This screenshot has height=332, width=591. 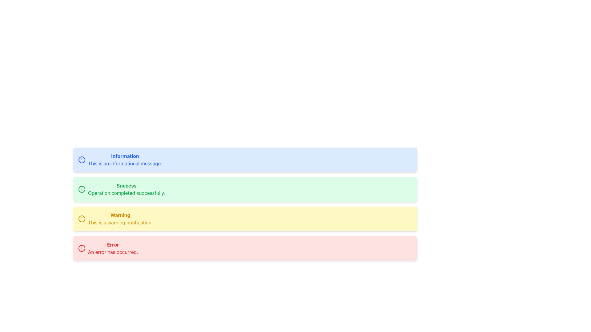 I want to click on the error alert icon located in the red notification box at the bottom left, preceding the 'Error' text, so click(x=81, y=248).